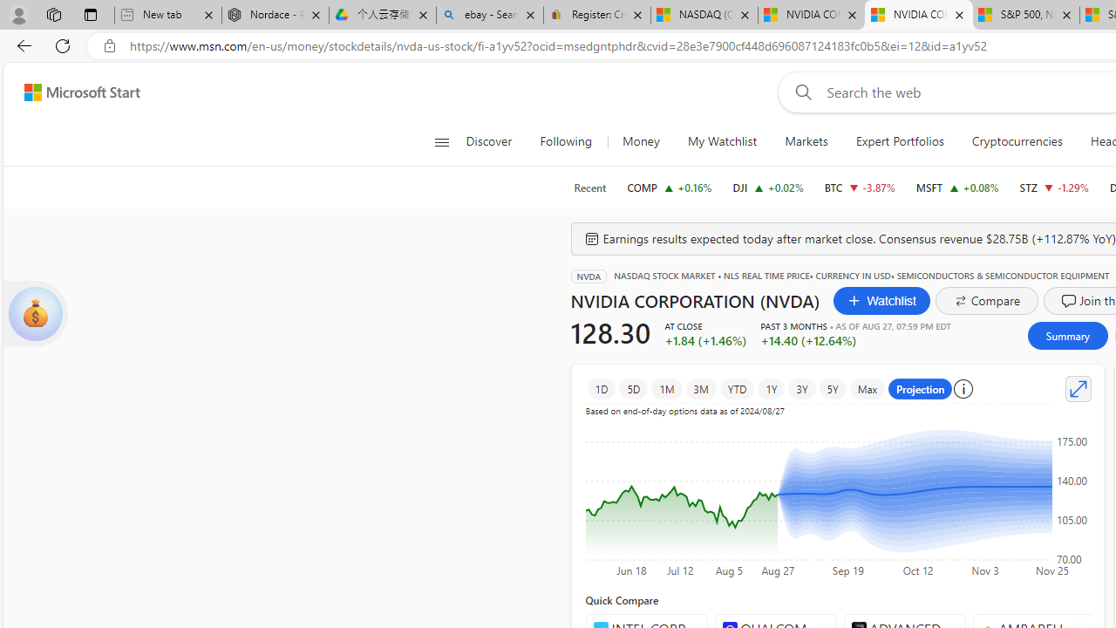 The height and width of the screenshot is (628, 1116). Describe the element at coordinates (771, 388) in the screenshot. I see `'1Y'` at that location.